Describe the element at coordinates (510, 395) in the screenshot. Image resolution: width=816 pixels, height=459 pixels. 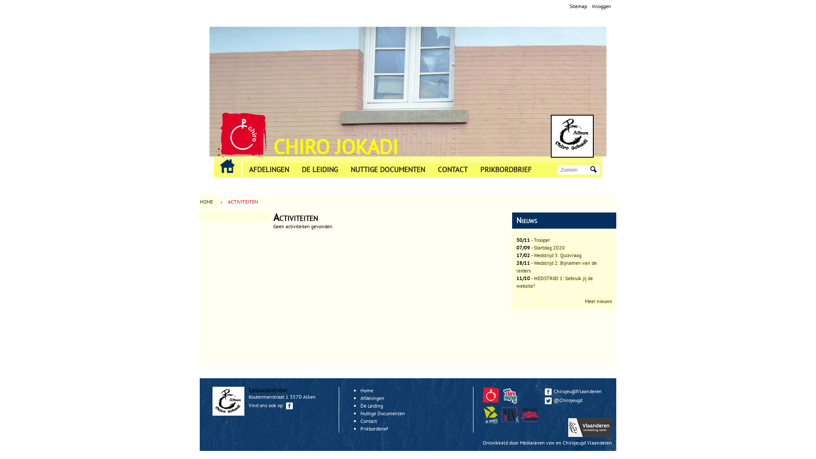
I see `'Chirohuizen'` at that location.